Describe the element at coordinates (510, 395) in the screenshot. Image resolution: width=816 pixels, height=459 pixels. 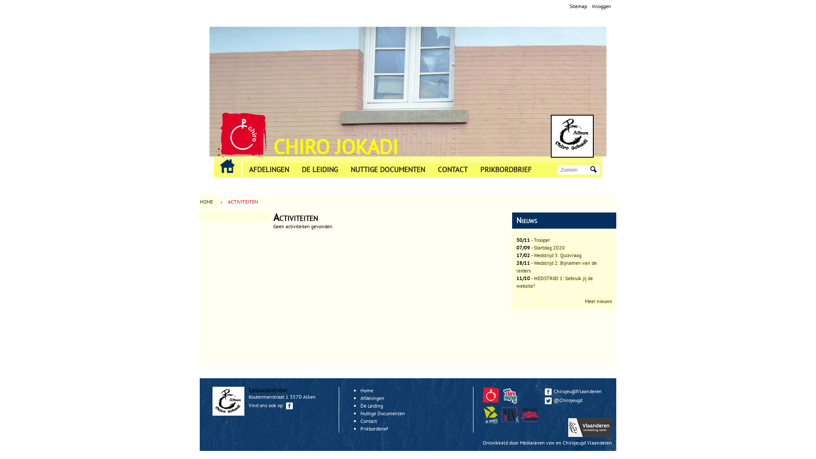
I see `'Chirohuizen'` at that location.